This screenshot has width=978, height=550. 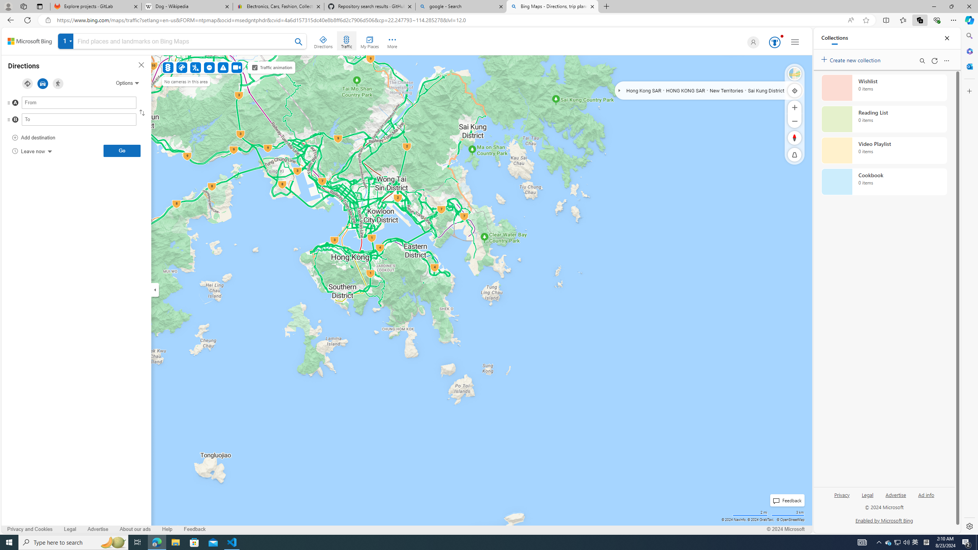 What do you see at coordinates (752, 42) in the screenshot?
I see `'Default Profile Picture'` at bounding box center [752, 42].